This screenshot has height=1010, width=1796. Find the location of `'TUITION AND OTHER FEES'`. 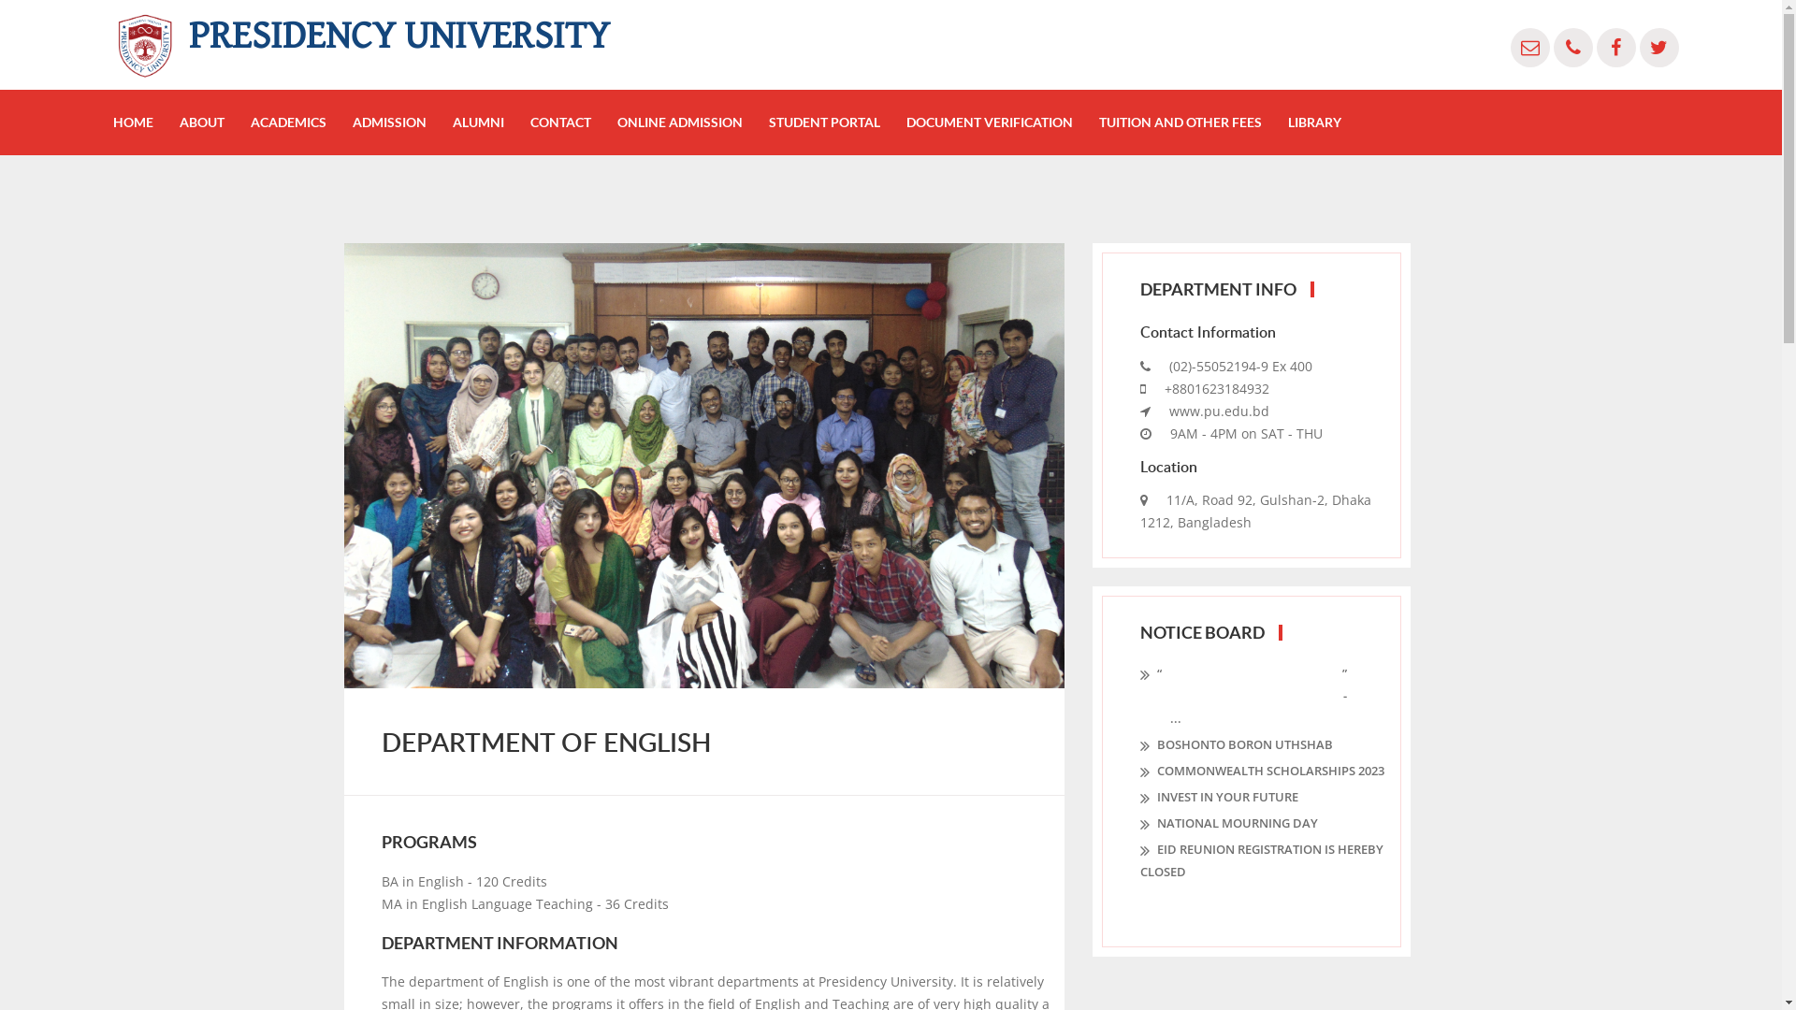

'TUITION AND OTHER FEES' is located at coordinates (1180, 123).